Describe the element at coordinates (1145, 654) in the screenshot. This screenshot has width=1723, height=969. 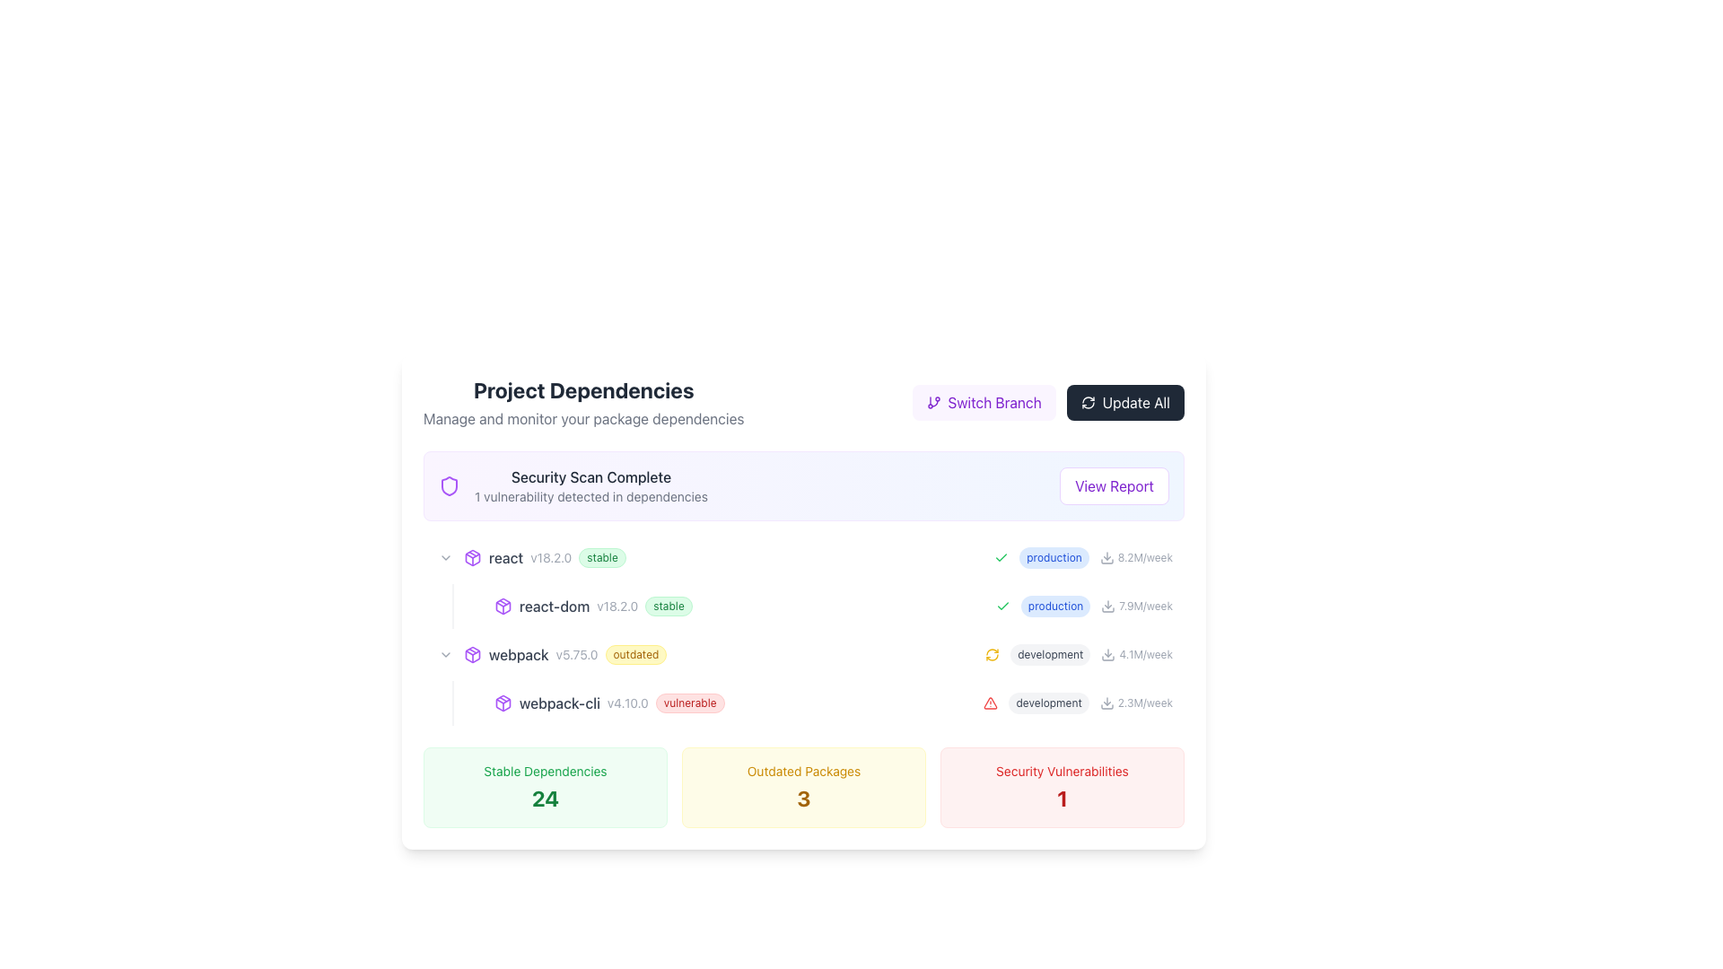
I see `the Text label displaying the download frequency '4.1M/week' located in the third row of the main content table, next to the text 'development'` at that location.